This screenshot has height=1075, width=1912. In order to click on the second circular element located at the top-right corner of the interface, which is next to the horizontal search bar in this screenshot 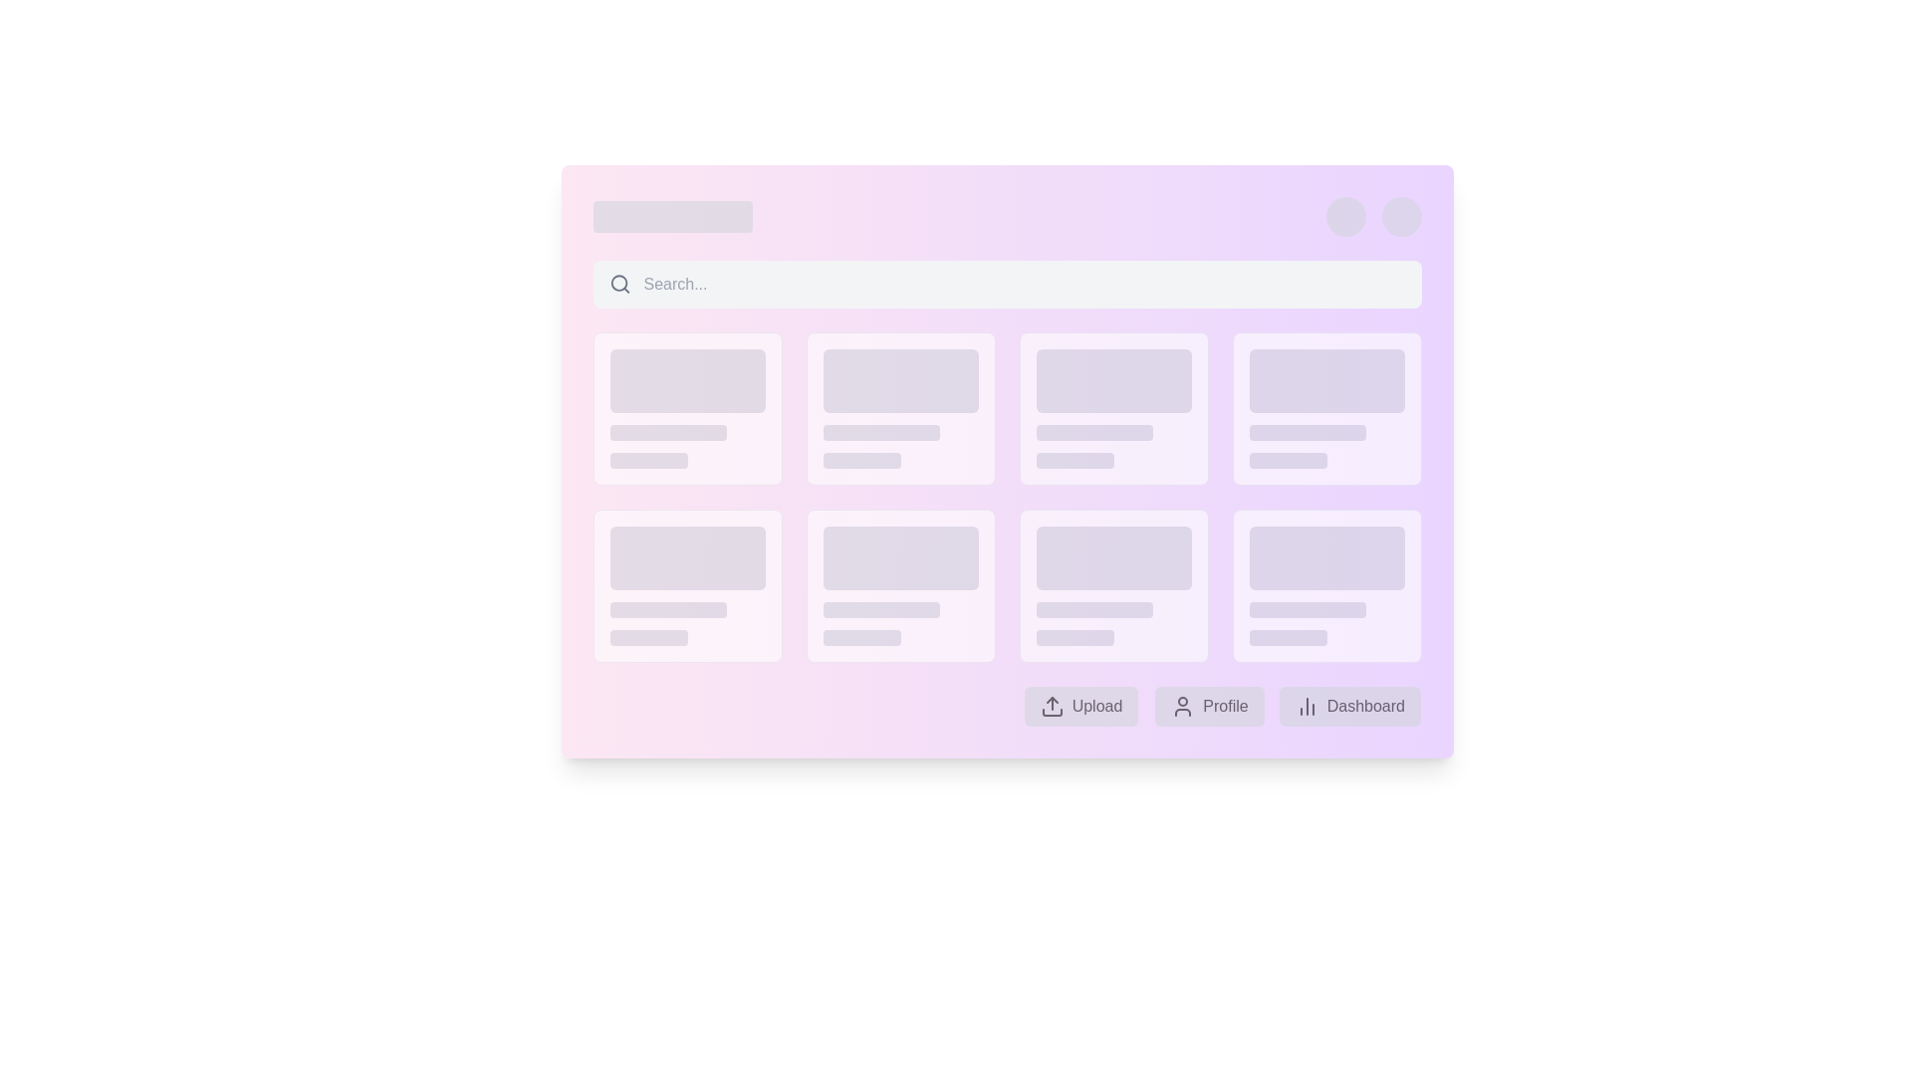, I will do `click(1400, 217)`.